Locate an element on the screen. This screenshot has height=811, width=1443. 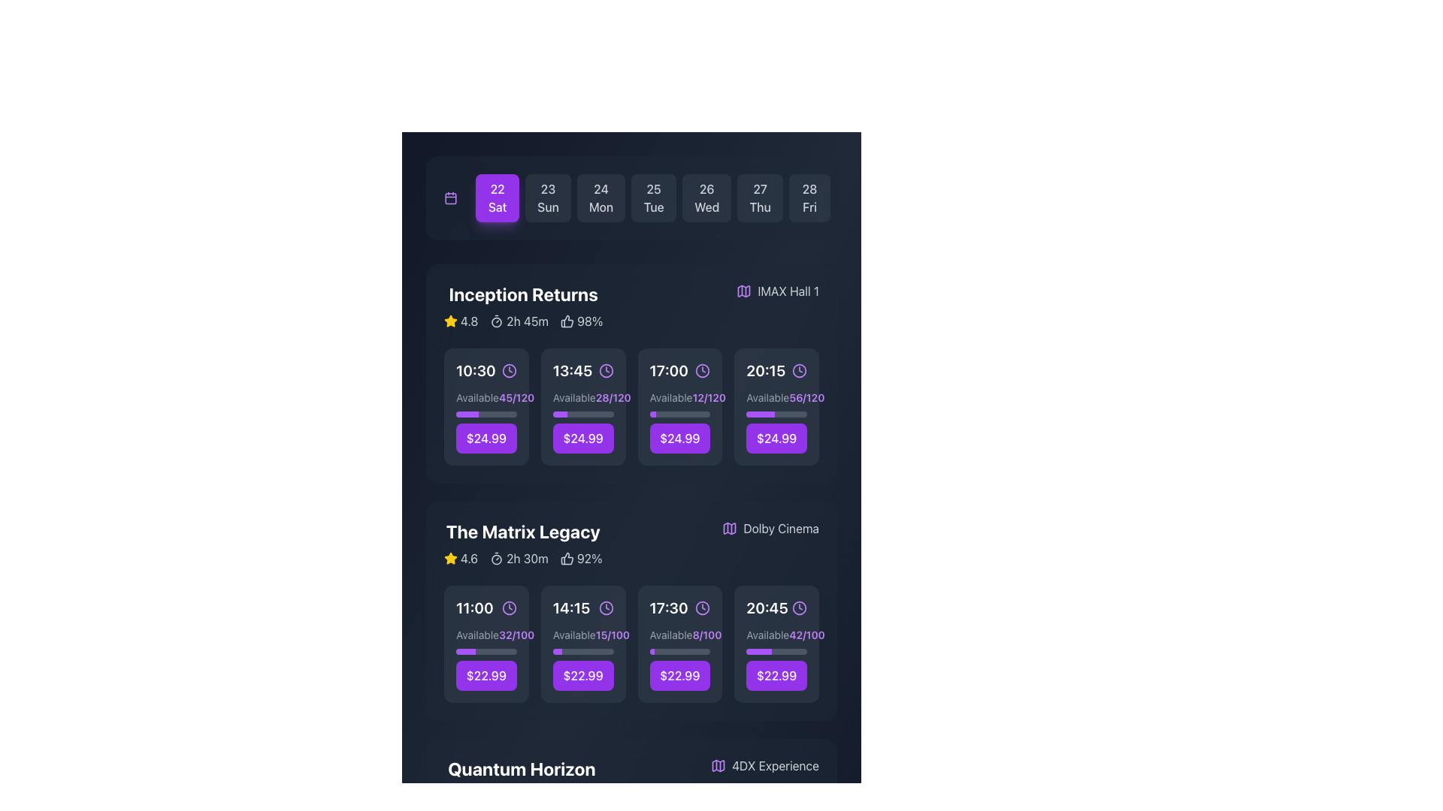
the purple button at the bottom of the ticket selection card displaying the price '$22.99' is located at coordinates (486, 643).